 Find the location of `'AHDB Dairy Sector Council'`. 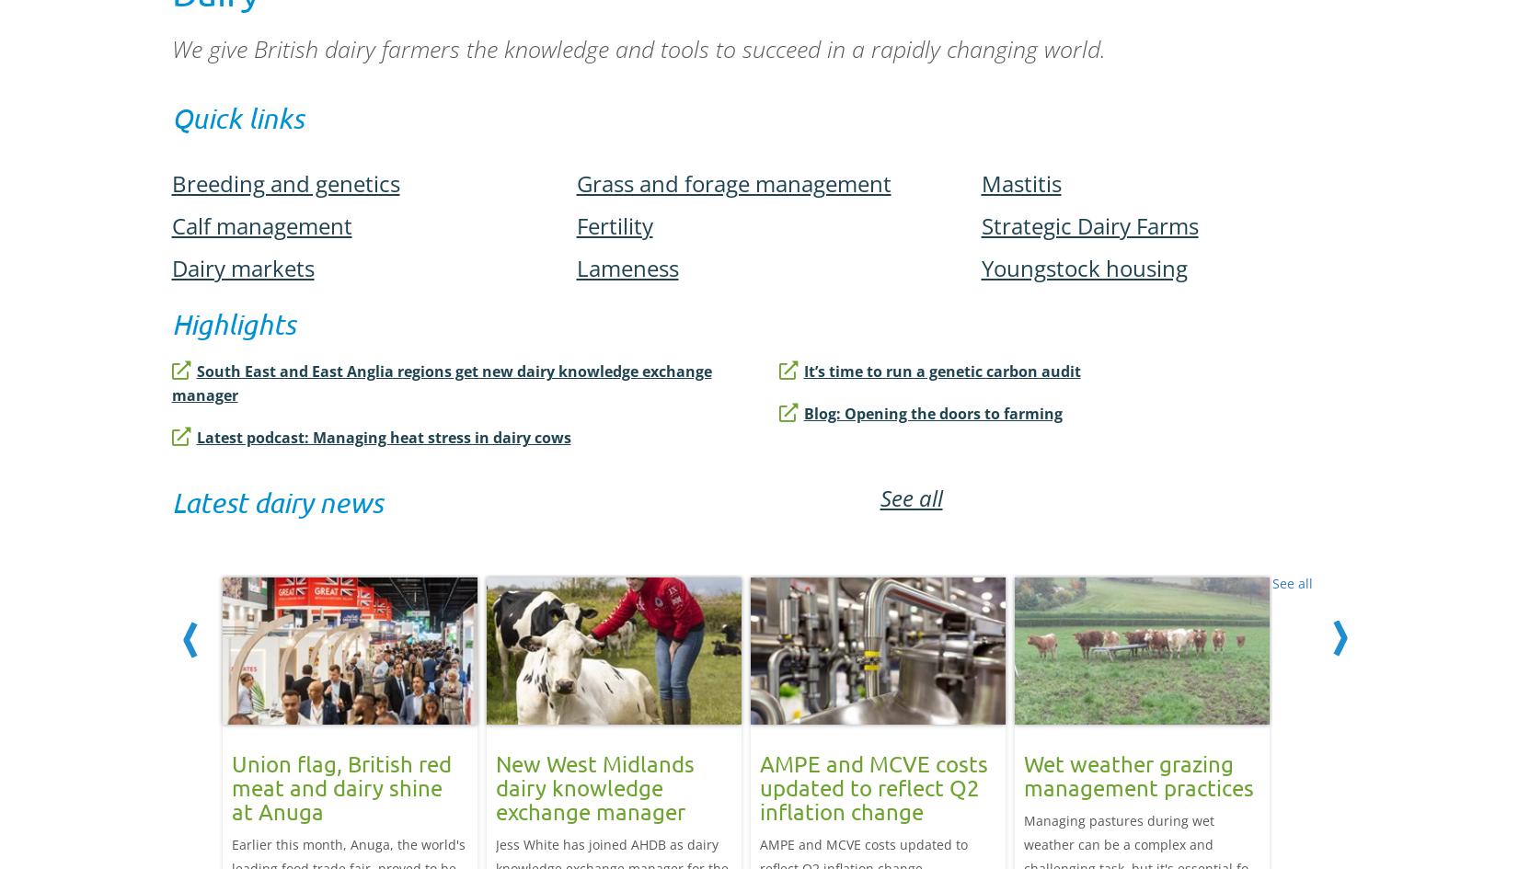

'AHDB Dairy Sector Council' is located at coordinates (292, 276).